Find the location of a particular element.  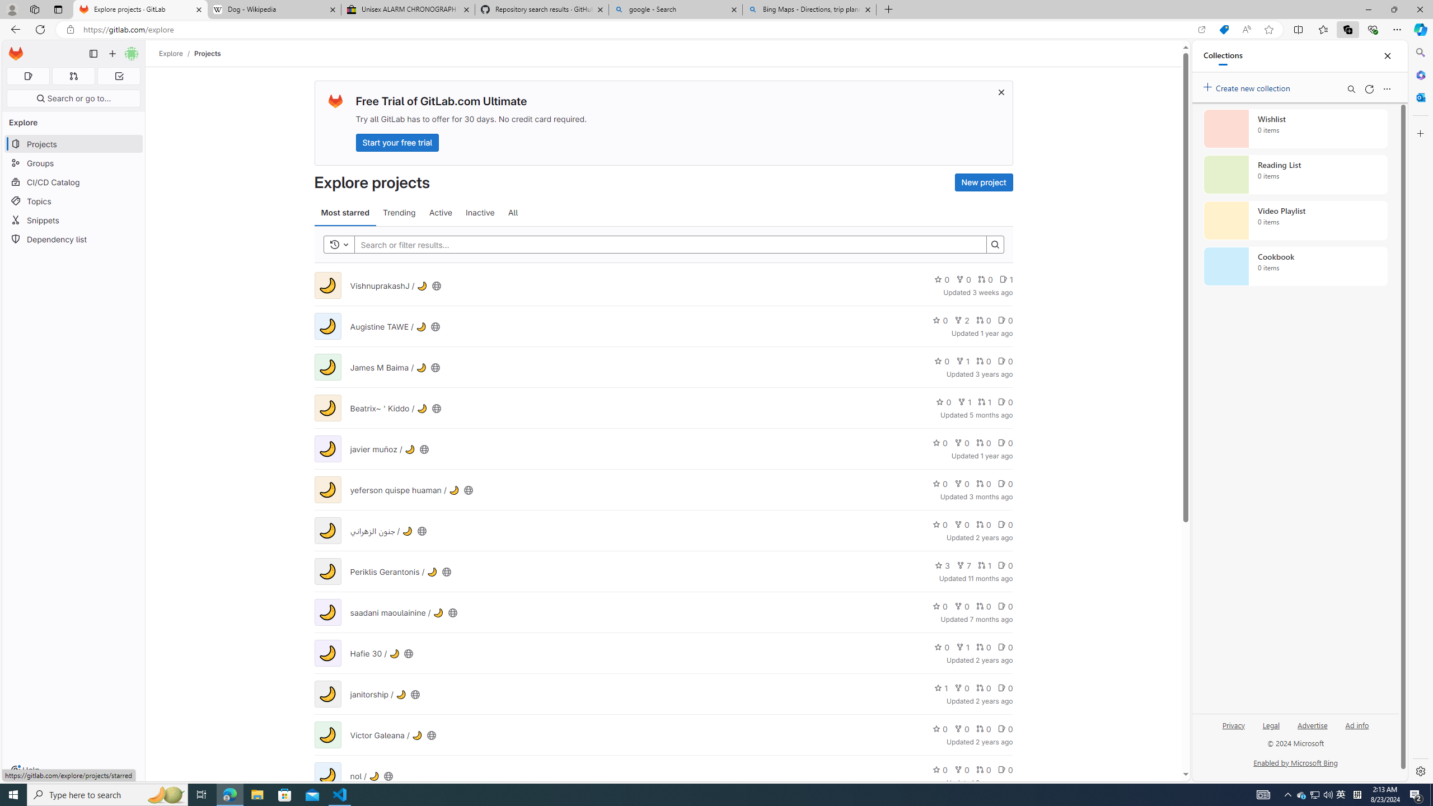

'Create new collection' is located at coordinates (1248, 86).